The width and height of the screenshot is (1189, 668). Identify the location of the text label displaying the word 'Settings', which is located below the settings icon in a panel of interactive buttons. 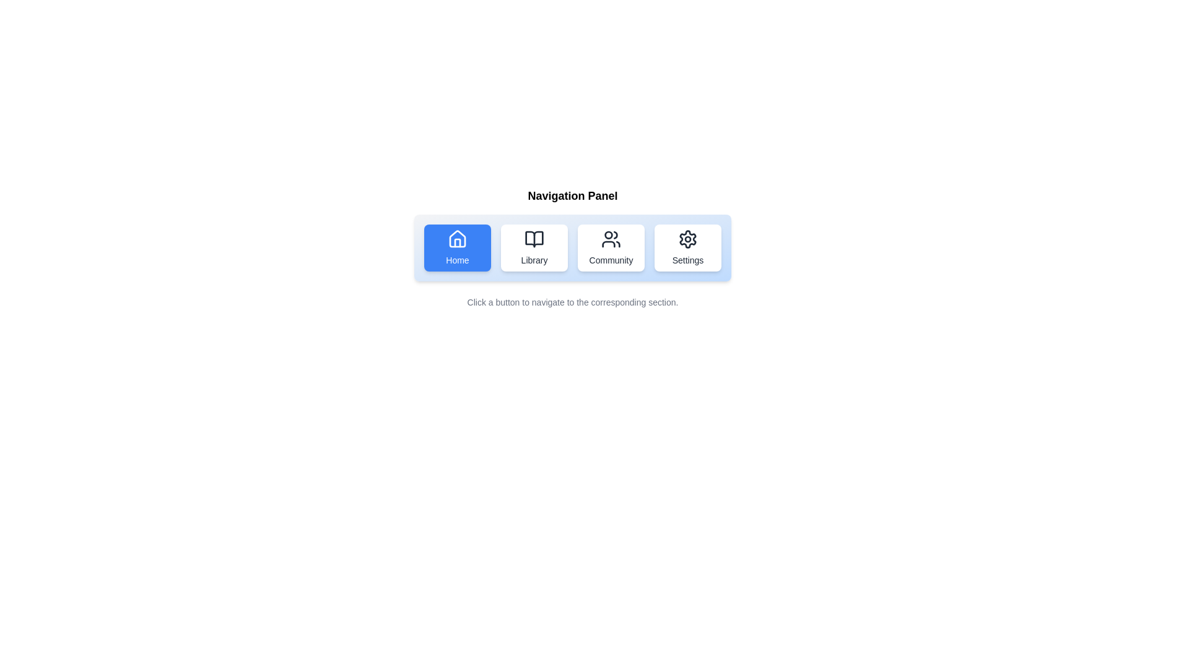
(687, 259).